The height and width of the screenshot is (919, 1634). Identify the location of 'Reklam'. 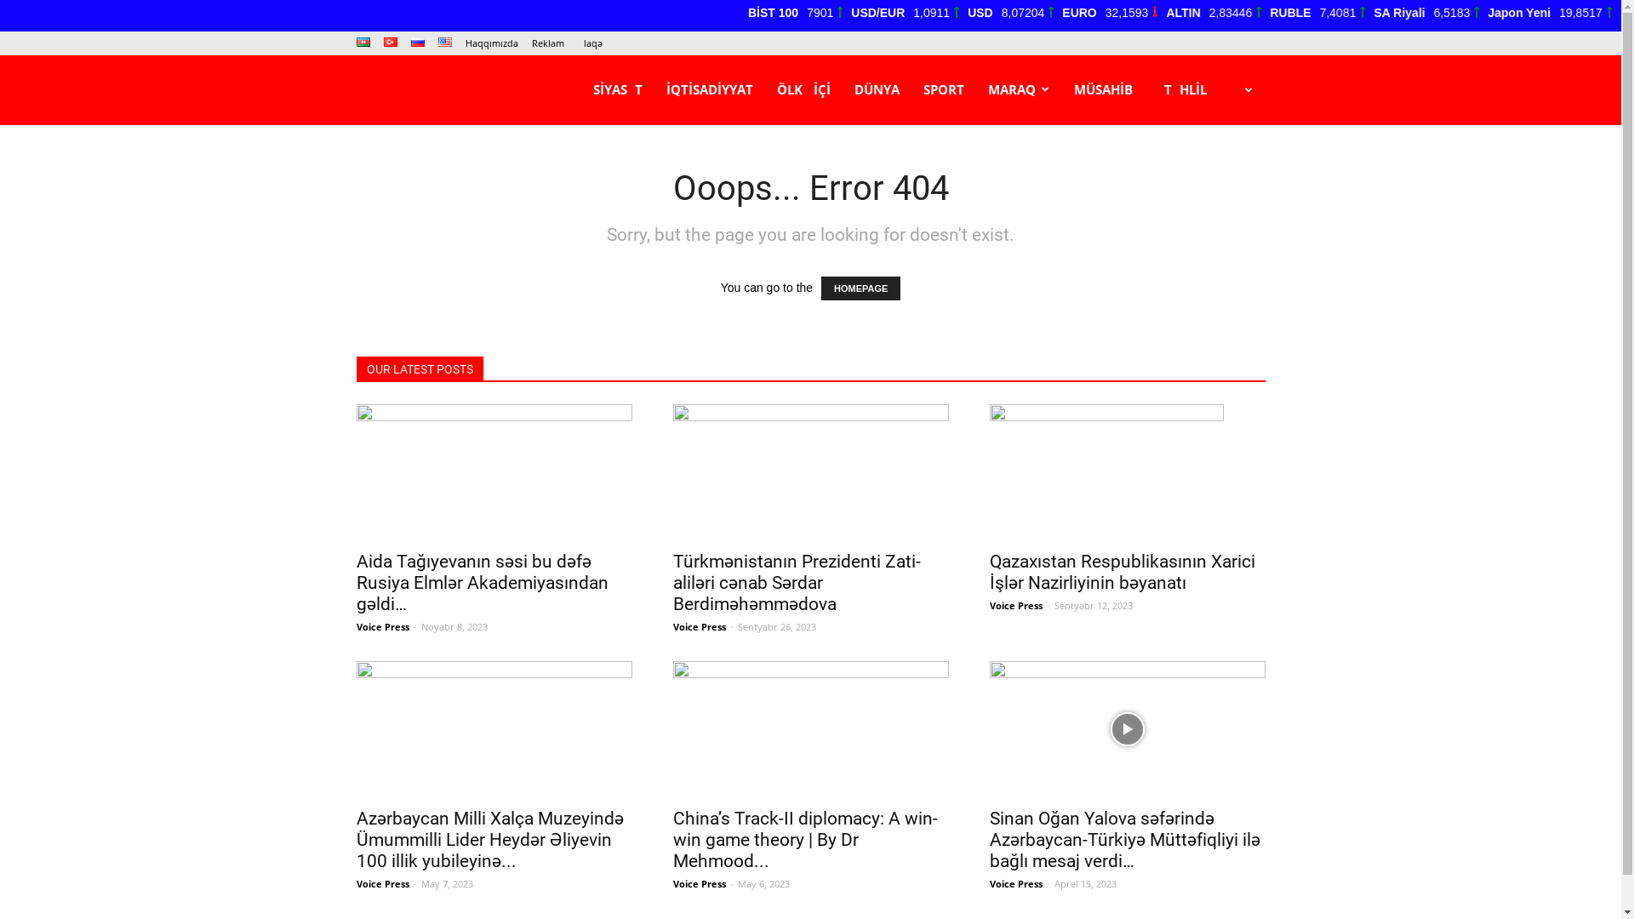
(547, 42).